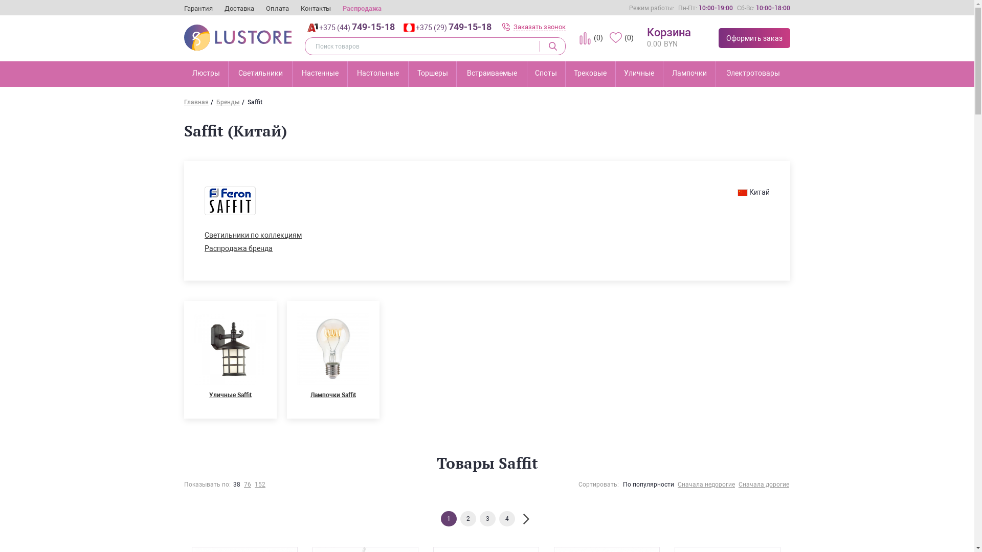 The image size is (982, 552). I want to click on '76', so click(248, 484).